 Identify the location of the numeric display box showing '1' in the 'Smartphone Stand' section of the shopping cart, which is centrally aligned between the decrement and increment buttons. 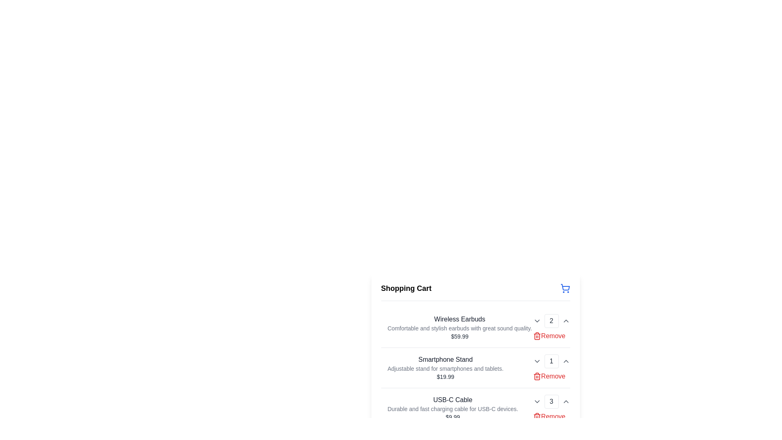
(551, 361).